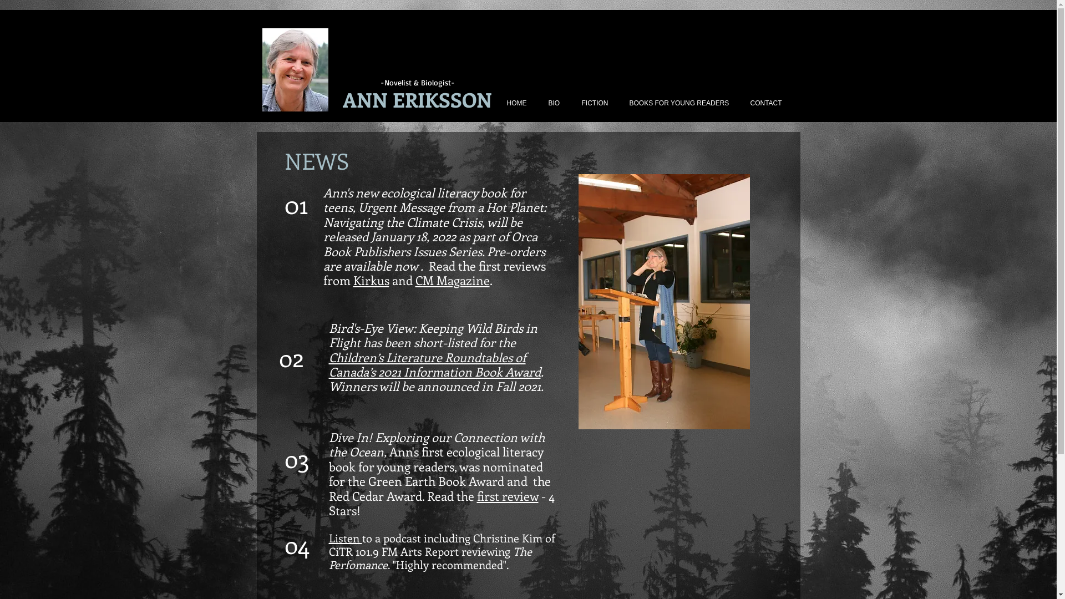 The height and width of the screenshot is (599, 1065). What do you see at coordinates (414, 280) in the screenshot?
I see `'CM Magazine'` at bounding box center [414, 280].